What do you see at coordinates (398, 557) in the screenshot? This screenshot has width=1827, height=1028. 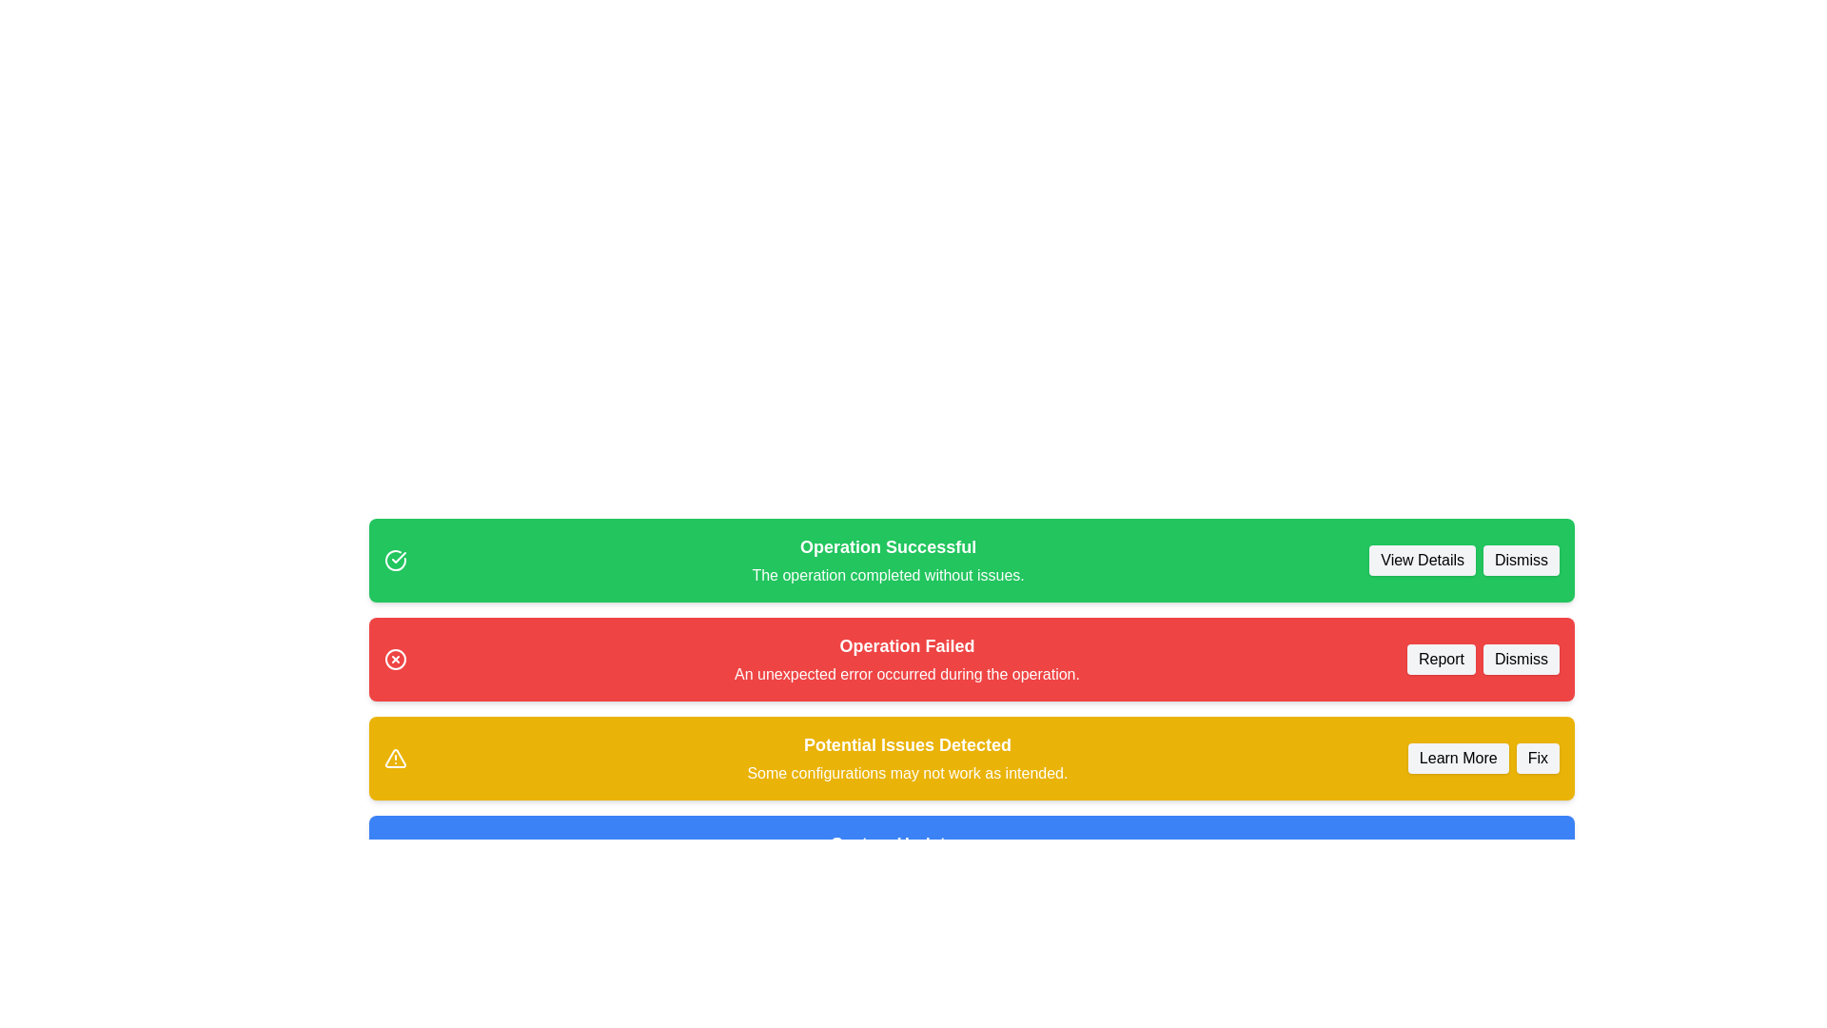 I see `the small checkmark icon located within the green success notification card, which is positioned near the top left of the card, to the left of the textual content, if it is interactive` at bounding box center [398, 557].